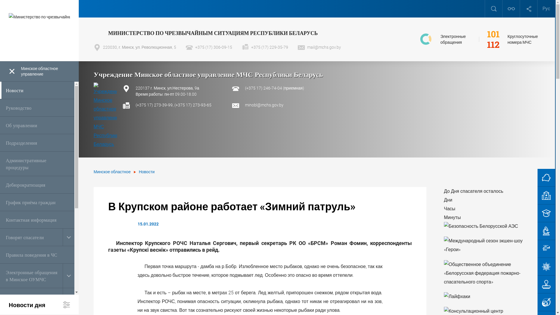 The width and height of the screenshot is (560, 315). I want to click on '(+375 17) 273-93-65', so click(193, 104).